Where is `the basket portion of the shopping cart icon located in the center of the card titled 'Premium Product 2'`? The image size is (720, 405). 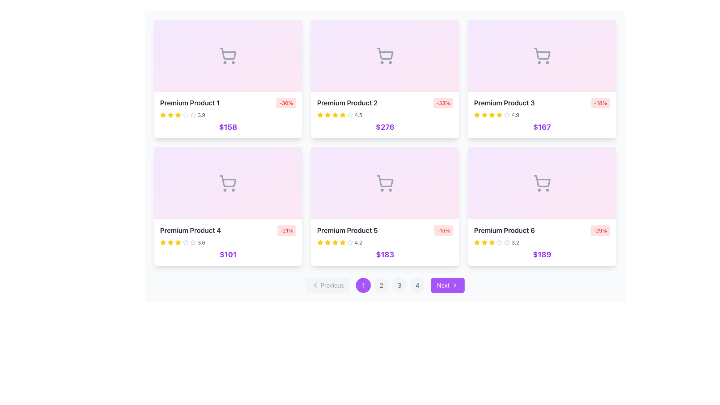 the basket portion of the shopping cart icon located in the center of the card titled 'Premium Product 2' is located at coordinates (385, 53).